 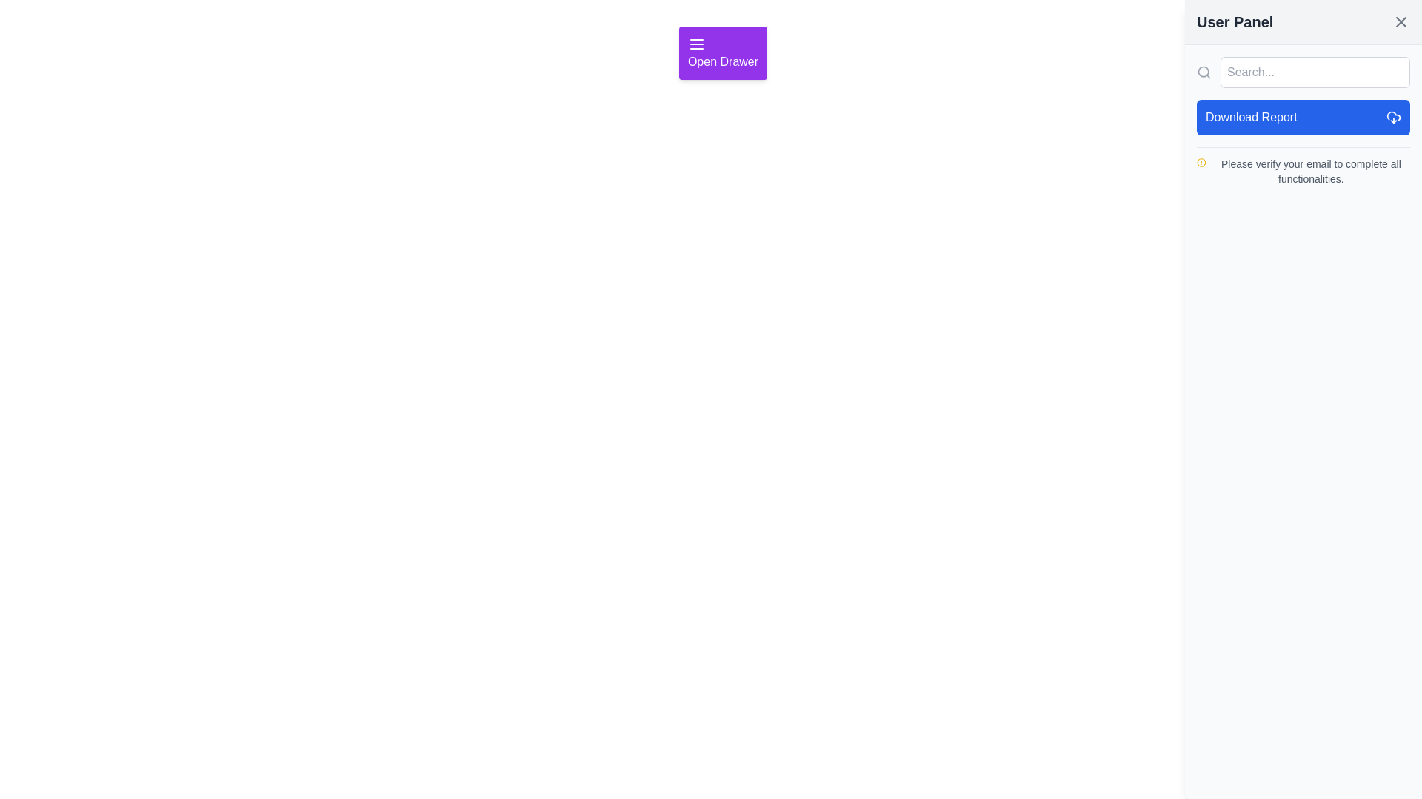 What do you see at coordinates (1250, 116) in the screenshot?
I see `the 'Download Report' text label within the button located in the top-right panel titled 'User Panel'` at bounding box center [1250, 116].